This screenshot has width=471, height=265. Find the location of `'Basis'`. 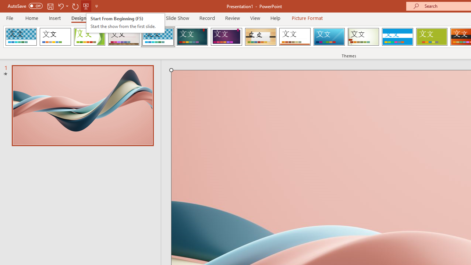

'Basis' is located at coordinates (432, 37).